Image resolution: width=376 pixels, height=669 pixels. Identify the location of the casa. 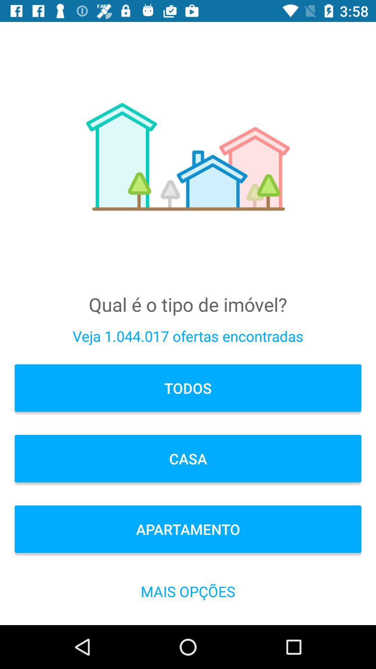
(188, 459).